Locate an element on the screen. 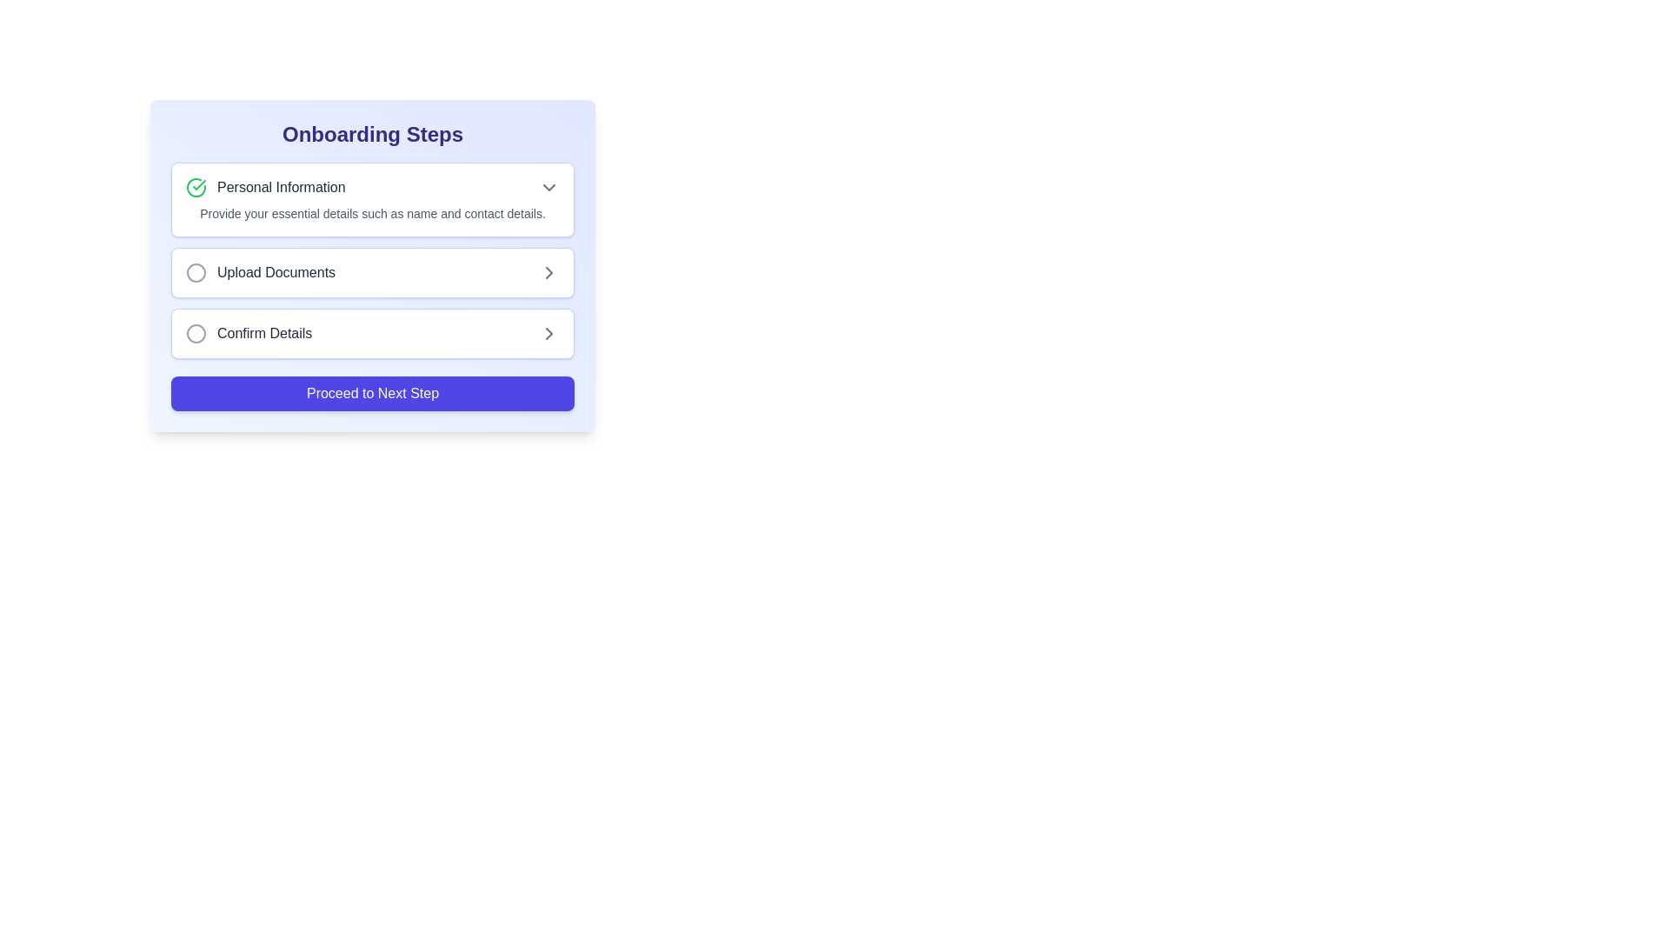  the SVG Icon - Right Arrow which visually indicates that the 'Confirm Details' option can be selected or expanded is located at coordinates (549, 272).